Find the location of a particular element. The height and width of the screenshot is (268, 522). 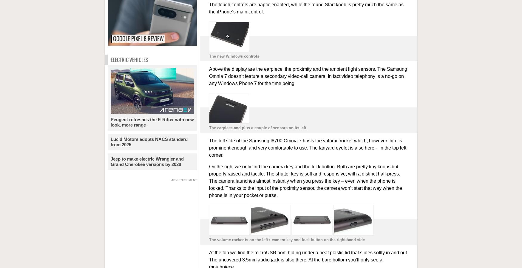

'Above the display are the earpiece, the proximity and the ambient light sensors. The Samsung Omnia 7 doesn’t feature a secondary video-call camera. In fact video telephony is a no-go on any Windows Phone 7 for the time being.' is located at coordinates (307, 76).